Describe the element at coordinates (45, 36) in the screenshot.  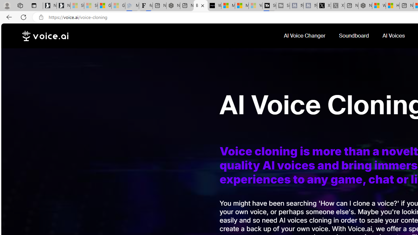
I see `'voice.ai'` at that location.